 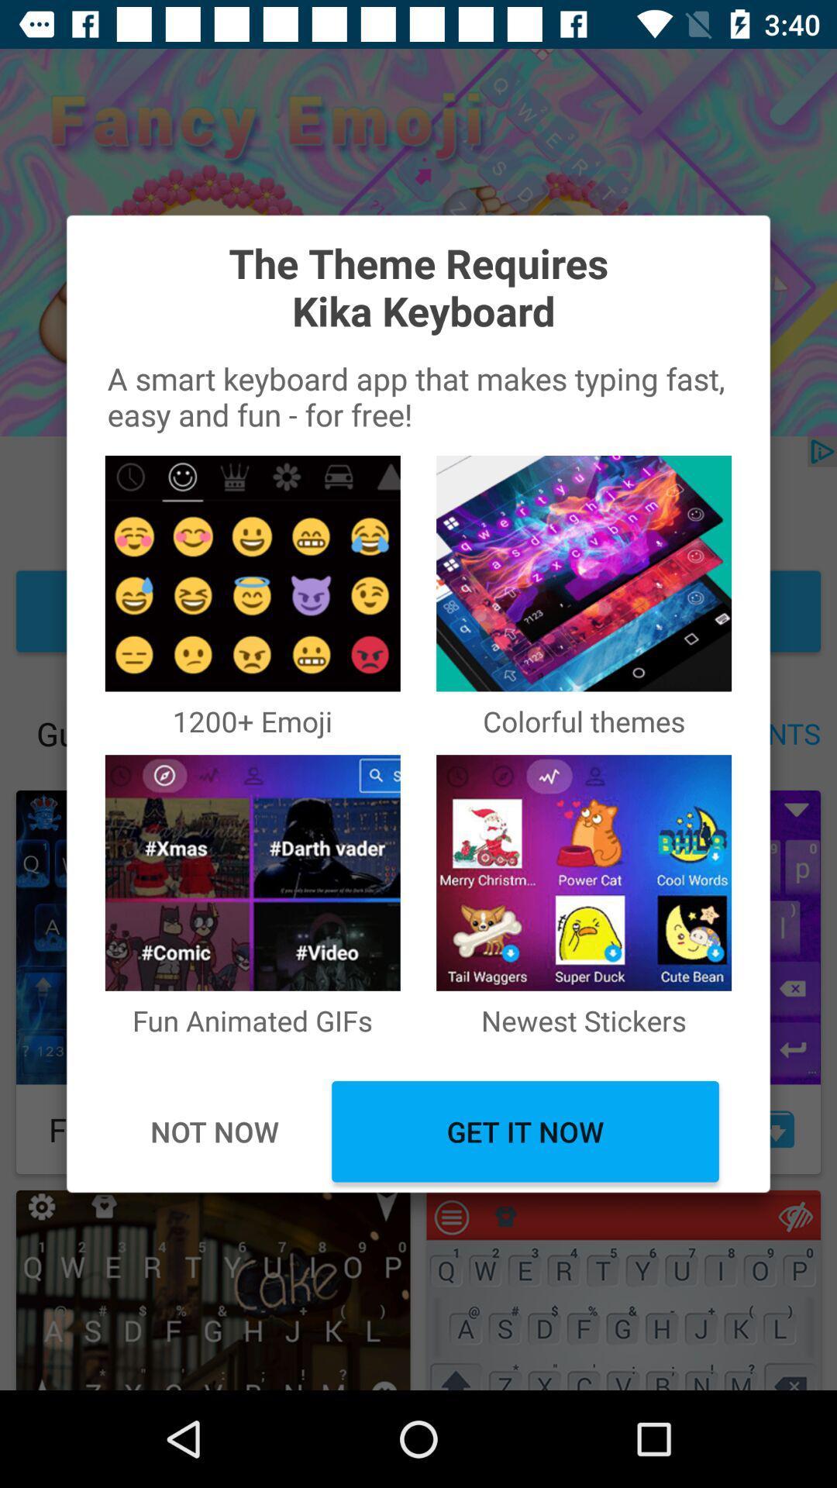 What do you see at coordinates (214, 1131) in the screenshot?
I see `icon next to get it now icon` at bounding box center [214, 1131].